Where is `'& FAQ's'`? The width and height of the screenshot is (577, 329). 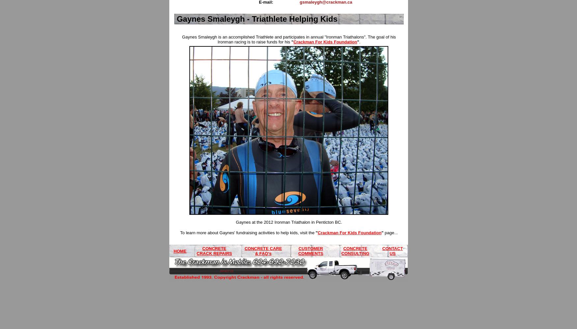 '& FAQ's' is located at coordinates (263, 253).